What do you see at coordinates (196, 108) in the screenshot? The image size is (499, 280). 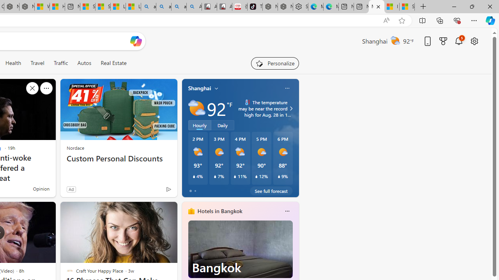 I see `'Partly sunny'` at bounding box center [196, 108].